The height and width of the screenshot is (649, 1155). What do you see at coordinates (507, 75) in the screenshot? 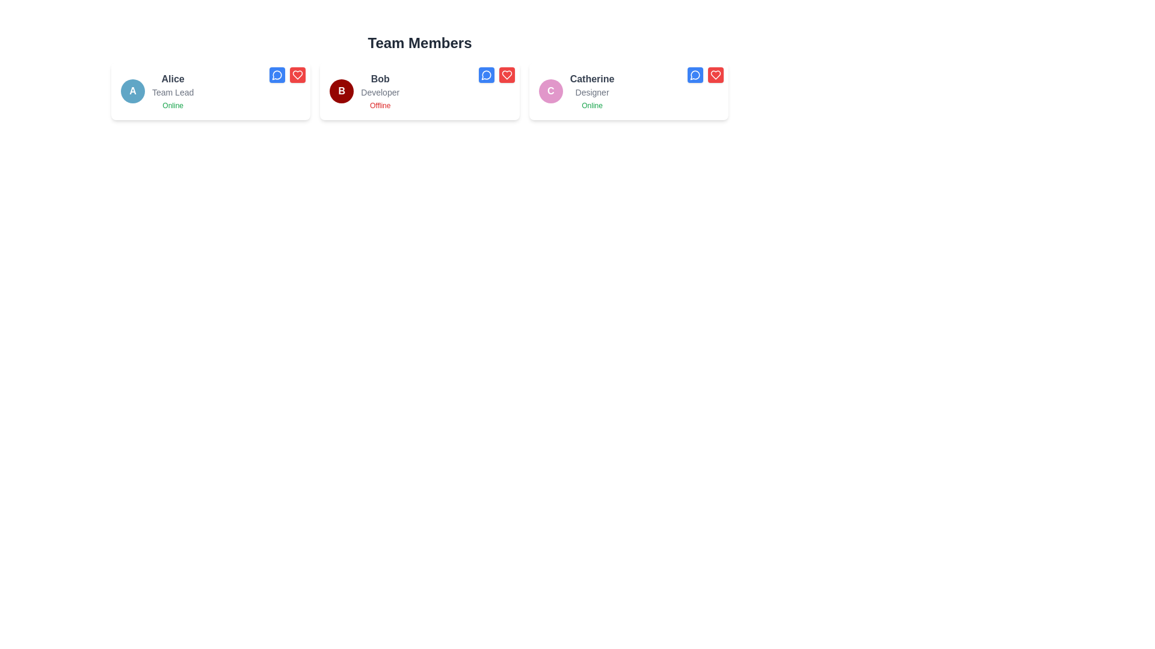
I see `the heart-shaped icon within the button component located at the top-right corner of Bob's team member card` at bounding box center [507, 75].